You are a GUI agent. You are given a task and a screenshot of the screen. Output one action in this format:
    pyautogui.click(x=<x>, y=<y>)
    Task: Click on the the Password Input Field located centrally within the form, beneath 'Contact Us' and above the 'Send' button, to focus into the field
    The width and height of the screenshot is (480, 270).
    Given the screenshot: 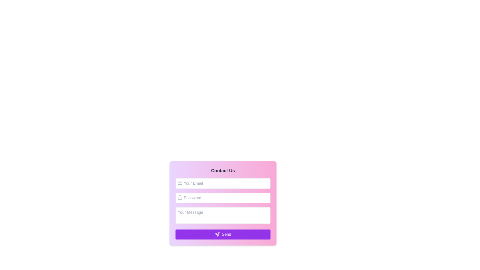 What is the action you would take?
    pyautogui.click(x=223, y=203)
    